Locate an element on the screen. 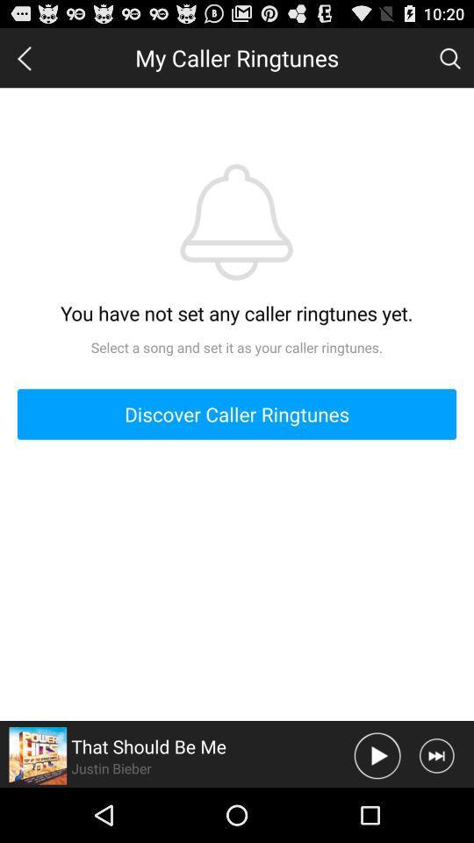  artist is located at coordinates (38, 754).